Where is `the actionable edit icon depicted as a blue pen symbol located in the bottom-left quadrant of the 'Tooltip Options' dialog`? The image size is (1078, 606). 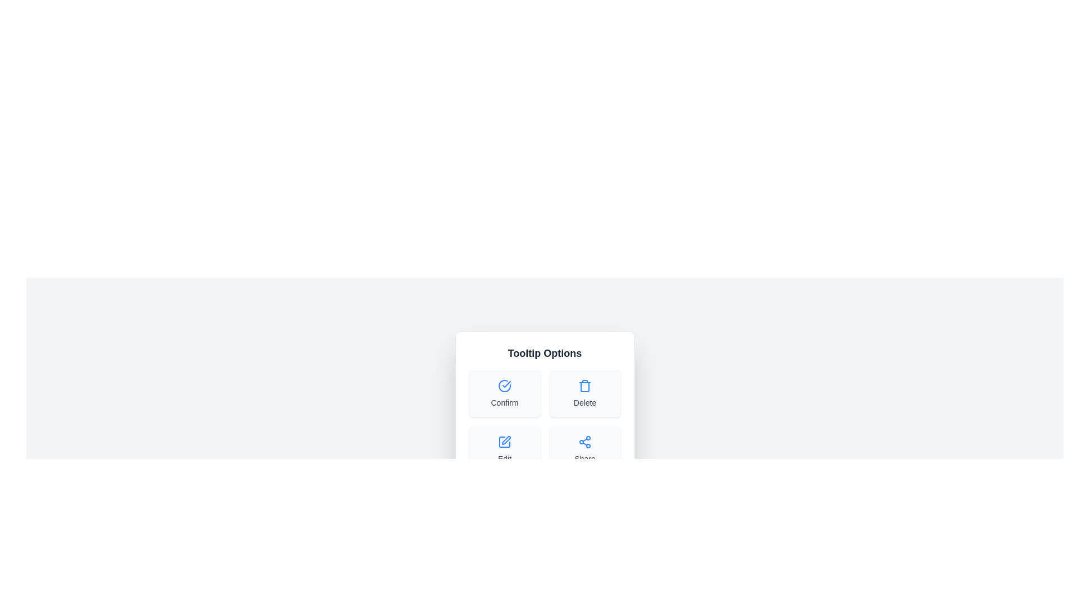
the actionable edit icon depicted as a blue pen symbol located in the bottom-left quadrant of the 'Tooltip Options' dialog is located at coordinates (506, 440).